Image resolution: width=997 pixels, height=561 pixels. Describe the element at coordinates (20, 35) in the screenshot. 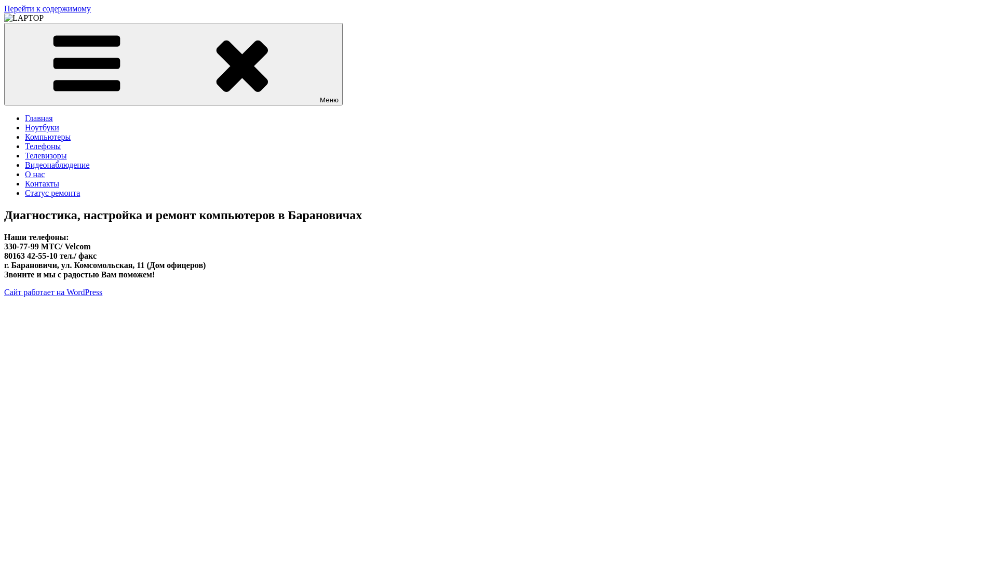

I see `'LAPTOP'` at that location.